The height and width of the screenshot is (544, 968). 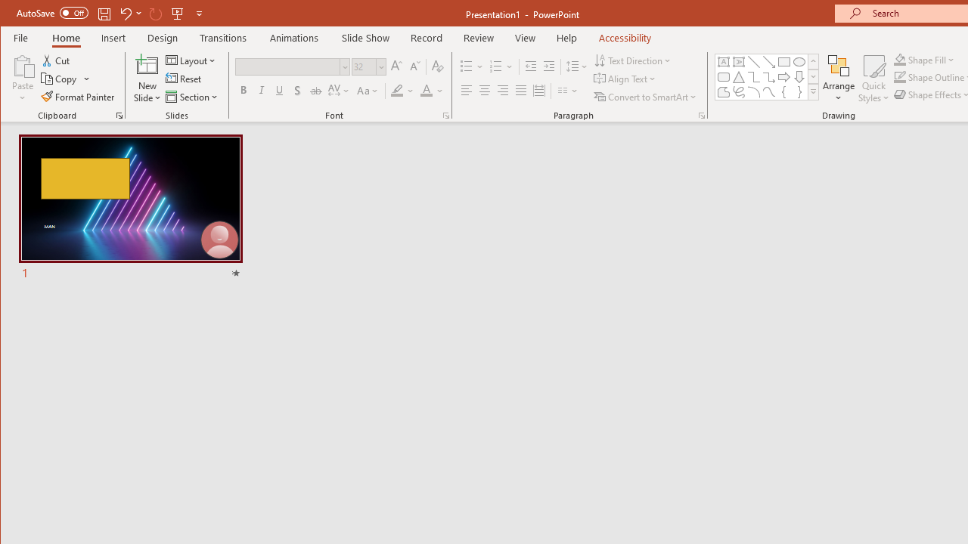 I want to click on 'Line Arrow', so click(x=768, y=61).